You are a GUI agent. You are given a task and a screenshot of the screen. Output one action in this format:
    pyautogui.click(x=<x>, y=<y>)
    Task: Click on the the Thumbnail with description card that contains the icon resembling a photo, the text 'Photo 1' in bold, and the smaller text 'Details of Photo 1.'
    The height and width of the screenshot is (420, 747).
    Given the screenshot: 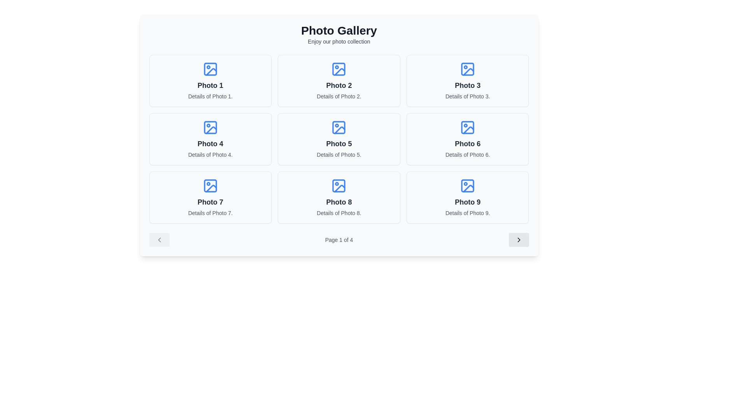 What is the action you would take?
    pyautogui.click(x=210, y=81)
    